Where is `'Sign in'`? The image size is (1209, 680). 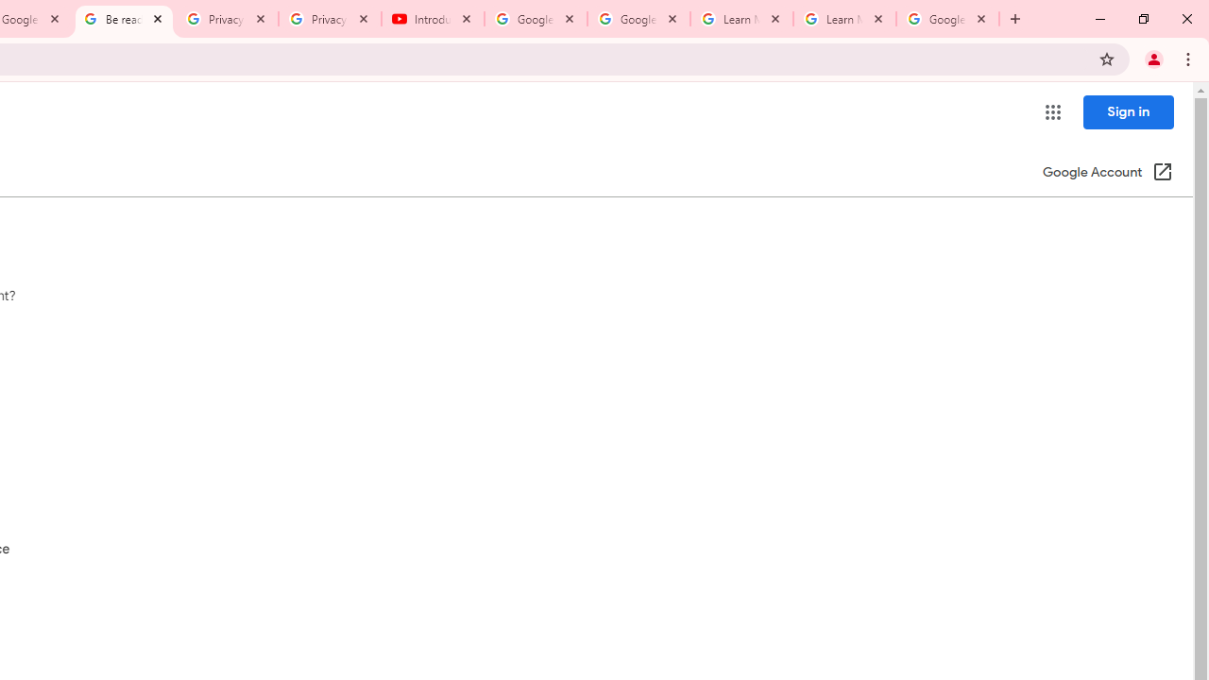
'Sign in' is located at coordinates (1128, 111).